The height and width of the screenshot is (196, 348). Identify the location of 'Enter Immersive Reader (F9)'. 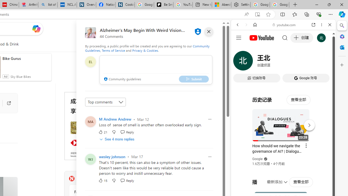
(257, 14).